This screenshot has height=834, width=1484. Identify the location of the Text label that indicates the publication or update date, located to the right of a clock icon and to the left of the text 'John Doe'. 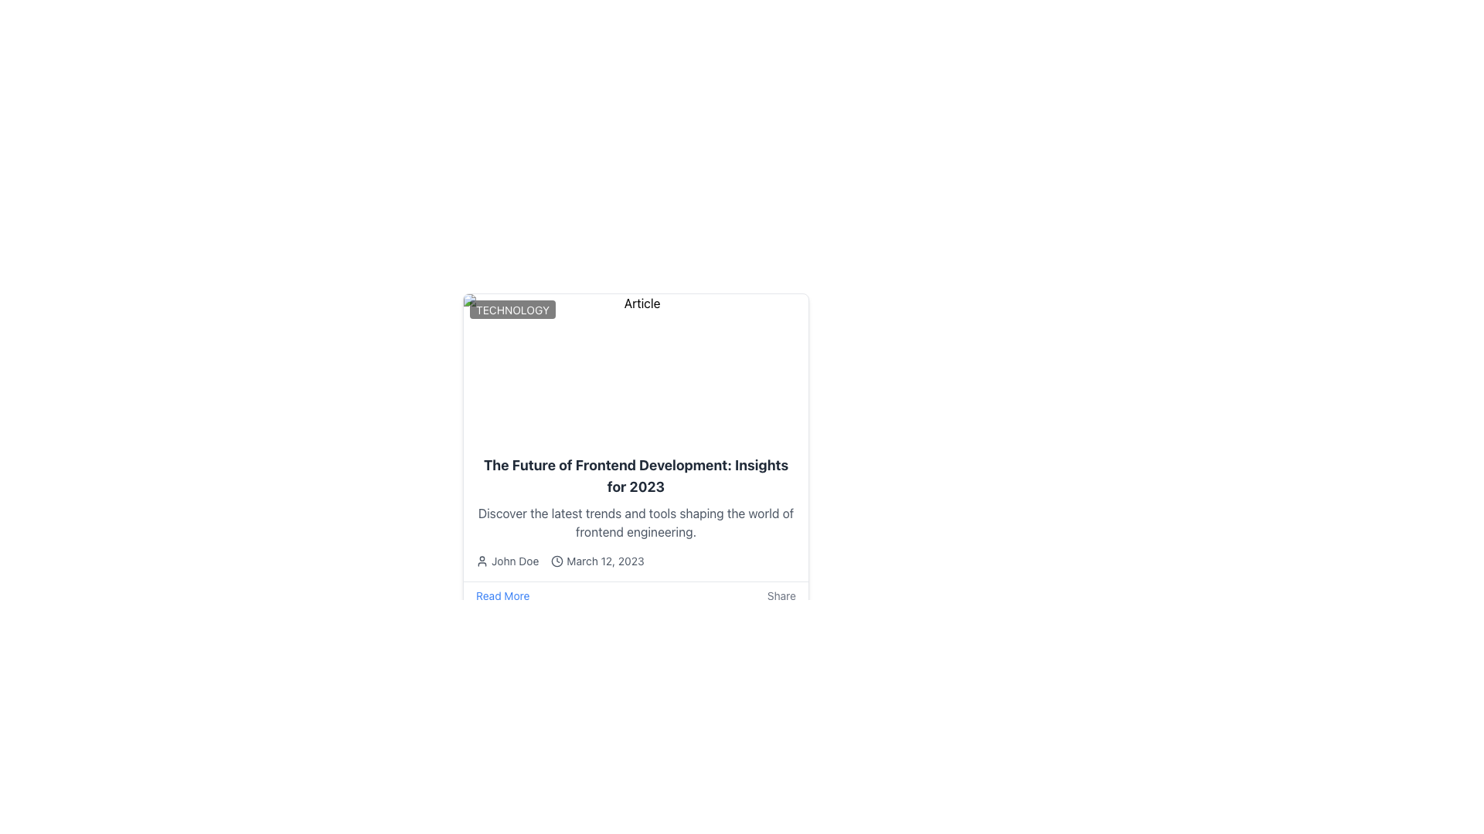
(604, 561).